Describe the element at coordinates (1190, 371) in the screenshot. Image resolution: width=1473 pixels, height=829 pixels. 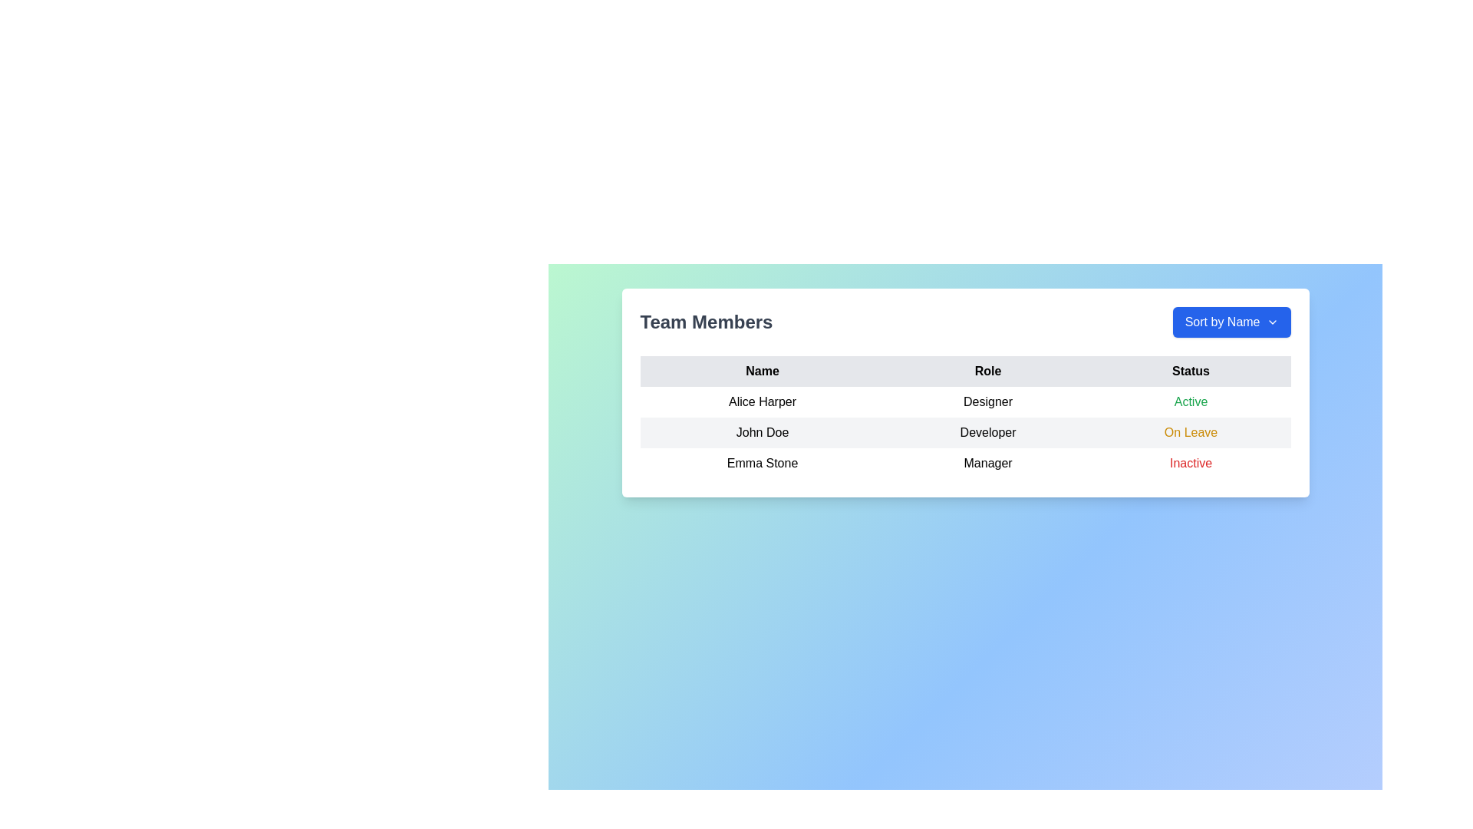
I see `the Table Header Cell labeled 'Status', which is the third item in a horizontal row within the header of the table, styled with a black bold font on a light gray background` at that location.